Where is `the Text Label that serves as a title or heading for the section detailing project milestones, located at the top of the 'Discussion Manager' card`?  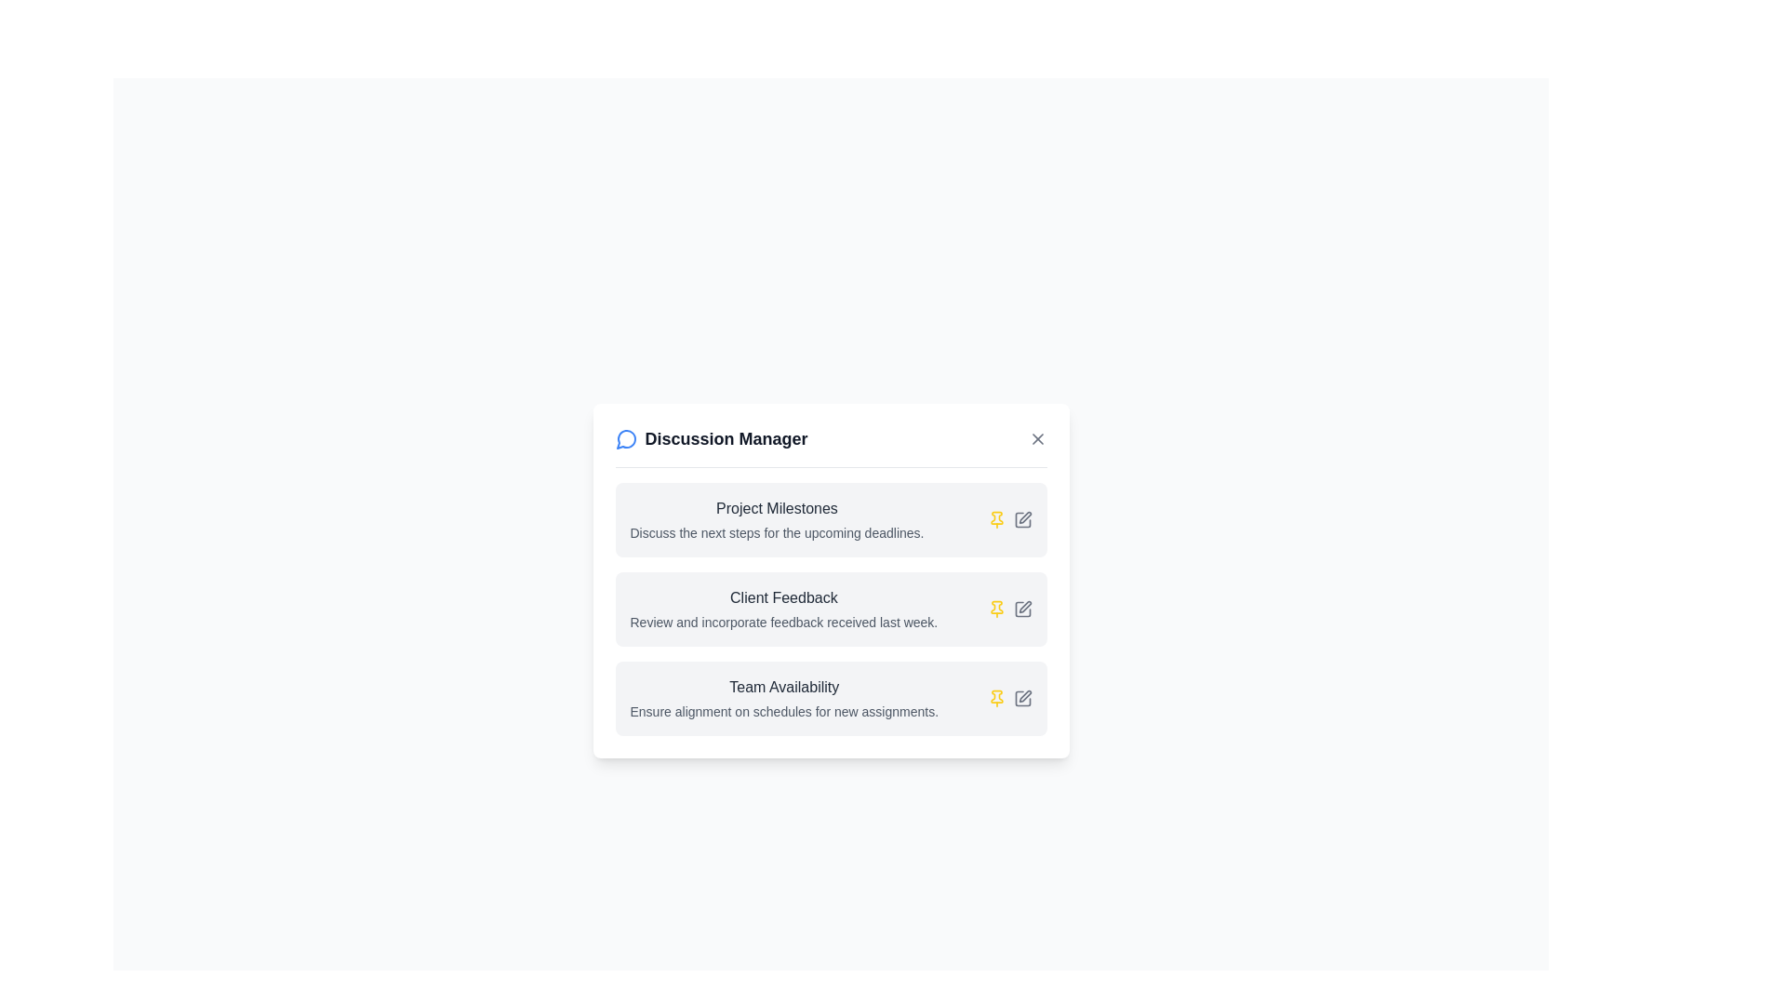
the Text Label that serves as a title or heading for the section detailing project milestones, located at the top of the 'Discussion Manager' card is located at coordinates (777, 508).